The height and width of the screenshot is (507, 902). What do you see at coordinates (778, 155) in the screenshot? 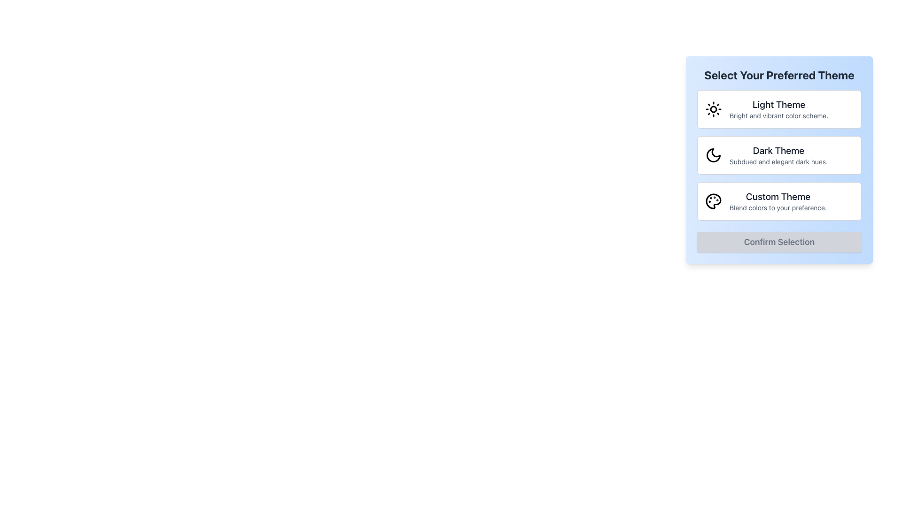
I see `the 'Dark Theme' text block, which displays the title and description for the Dark Theme option in the theme selection interface` at bounding box center [778, 155].